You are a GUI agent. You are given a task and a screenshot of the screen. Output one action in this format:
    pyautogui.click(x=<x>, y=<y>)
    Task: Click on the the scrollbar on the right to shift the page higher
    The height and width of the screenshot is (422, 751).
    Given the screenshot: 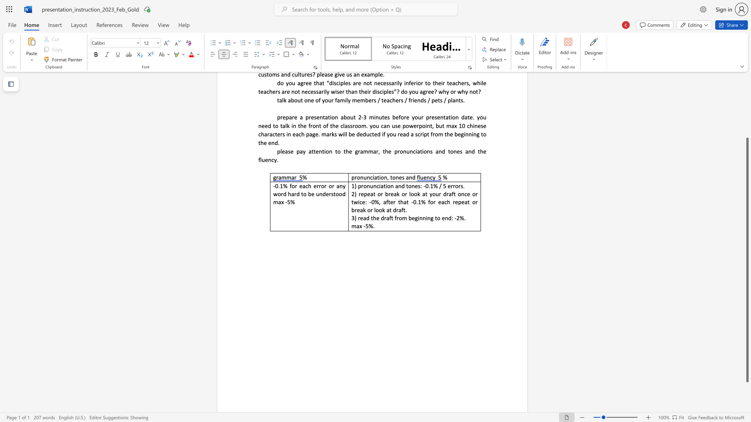 What is the action you would take?
    pyautogui.click(x=747, y=86)
    